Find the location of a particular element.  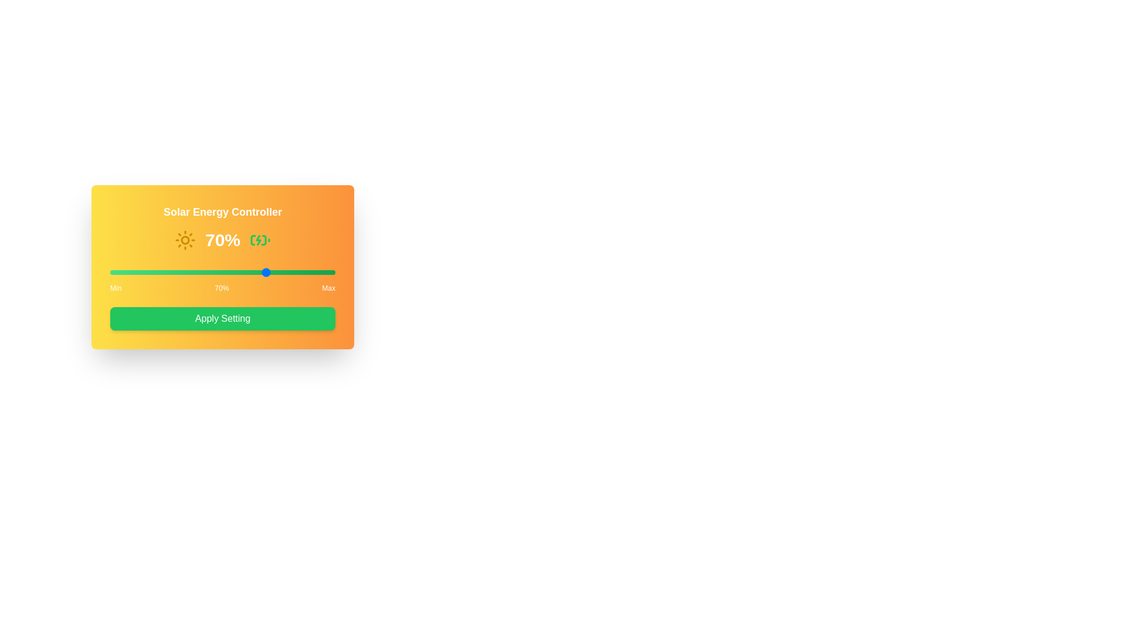

the solar input slider to 16% is located at coordinates (145, 273).